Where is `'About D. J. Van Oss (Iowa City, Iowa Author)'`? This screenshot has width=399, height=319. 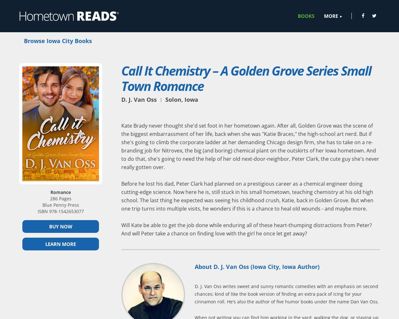
'About D. J. Van Oss (Iowa City, Iowa Author)' is located at coordinates (257, 266).